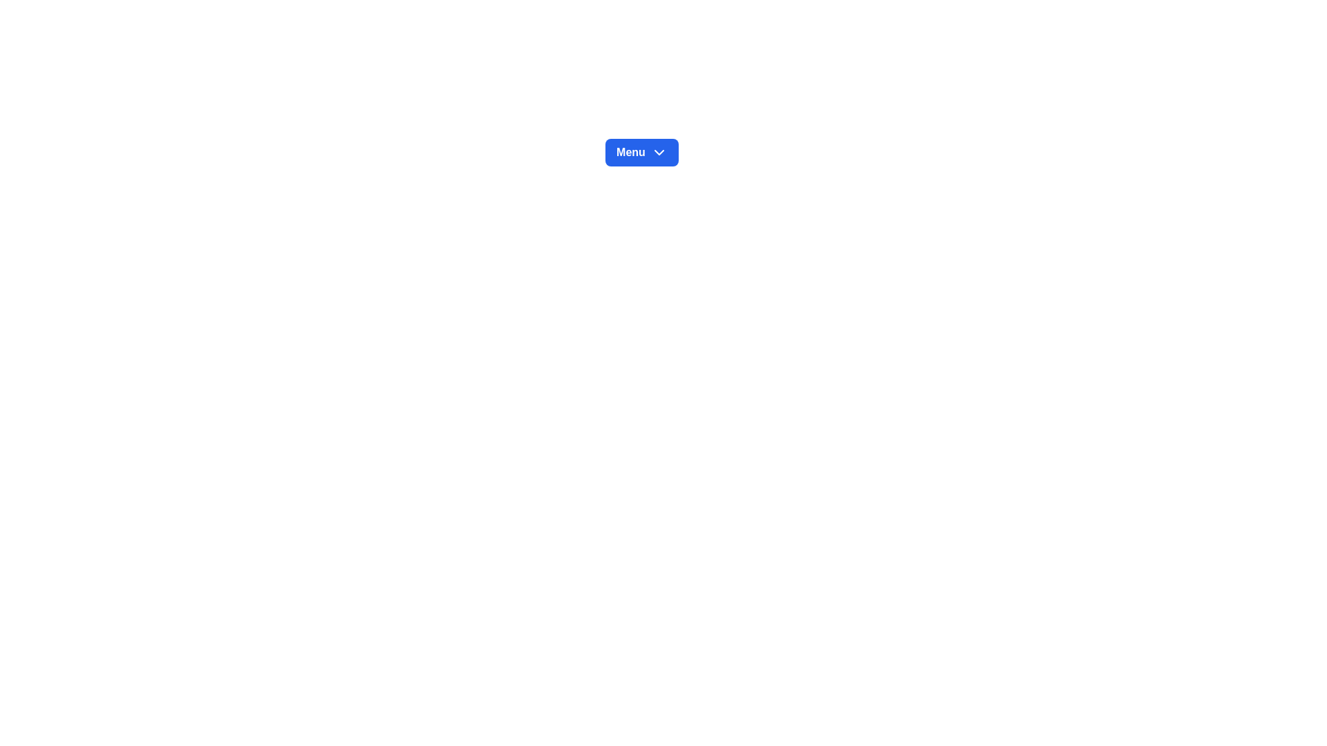 Image resolution: width=1327 pixels, height=746 pixels. What do you see at coordinates (641, 152) in the screenshot?
I see `the blue rectangular 'Menu' button with rounded corners` at bounding box center [641, 152].